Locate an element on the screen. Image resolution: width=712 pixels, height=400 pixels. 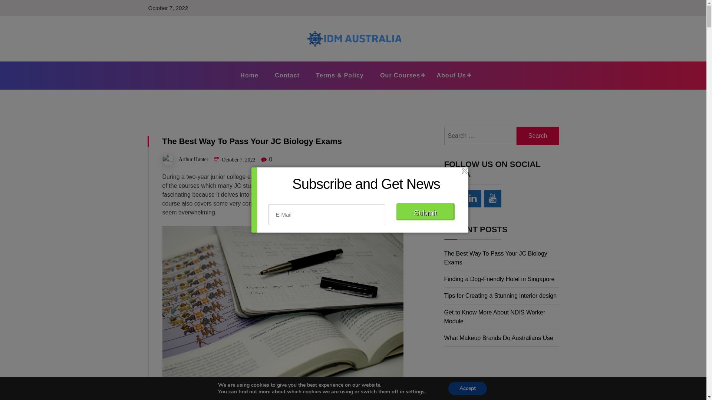
'YouTube' is located at coordinates (493, 198).